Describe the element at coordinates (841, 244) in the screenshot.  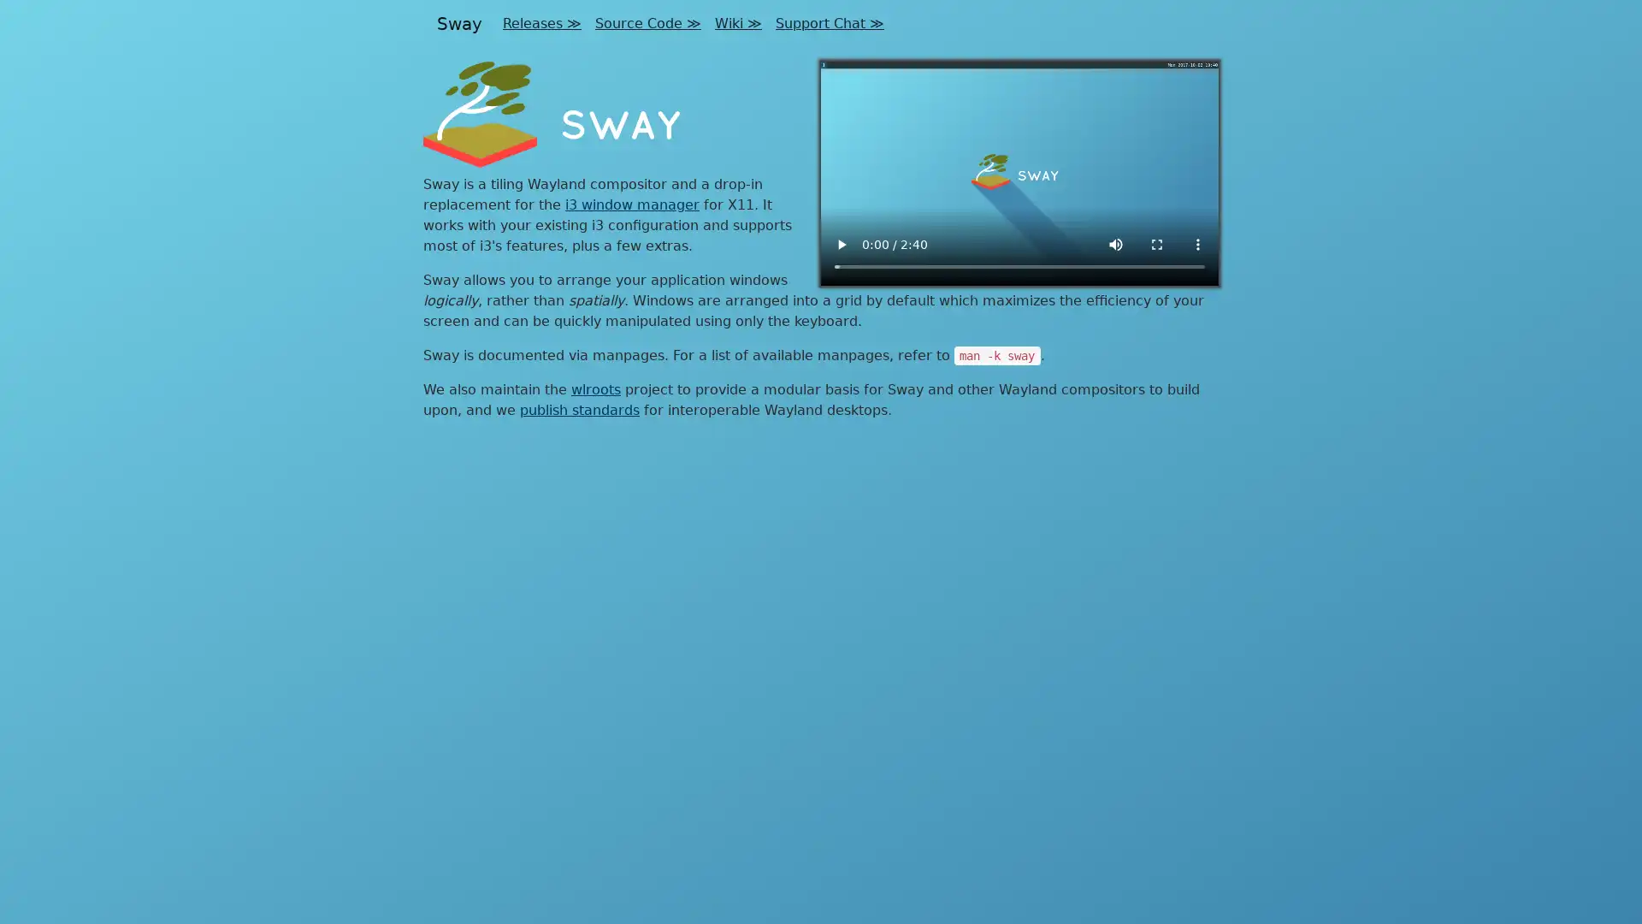
I see `play` at that location.